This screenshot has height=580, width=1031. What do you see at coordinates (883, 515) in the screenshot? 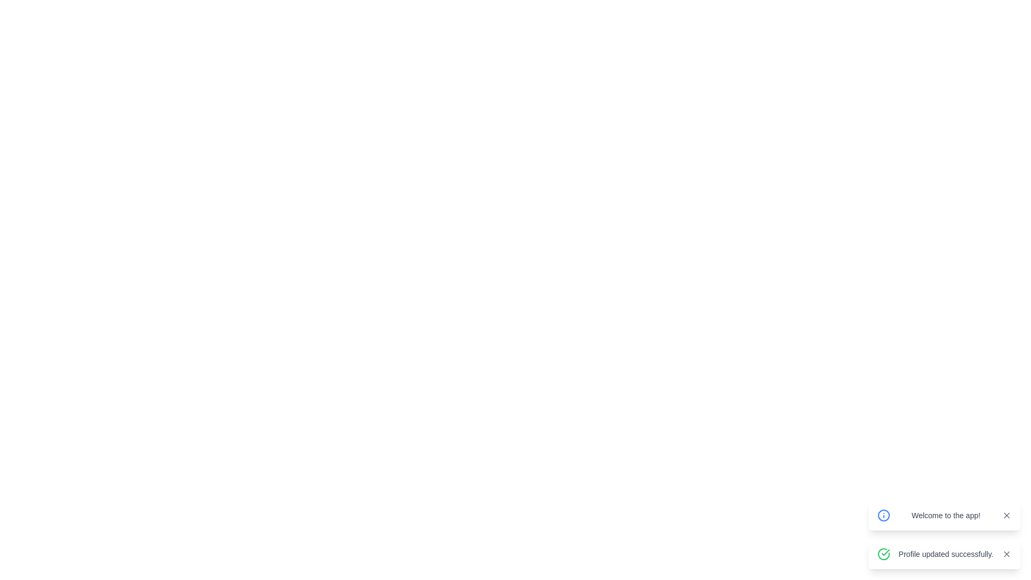
I see `the circular SVG graphic element next to the text 'Welcome to the app!' in the notification section at the lower right corner of the layout` at bounding box center [883, 515].